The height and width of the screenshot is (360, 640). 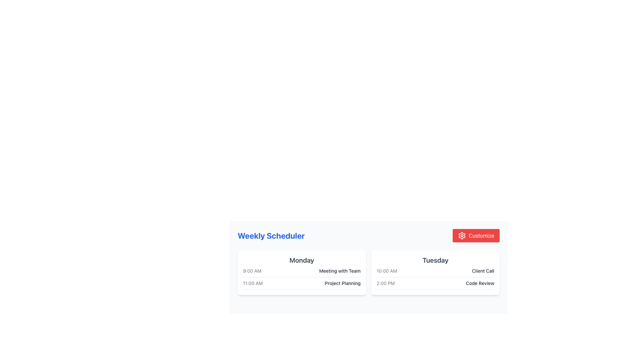 I want to click on the text label indicating the starting time of an event in the Monday section of the weekly planner, so click(x=252, y=283).